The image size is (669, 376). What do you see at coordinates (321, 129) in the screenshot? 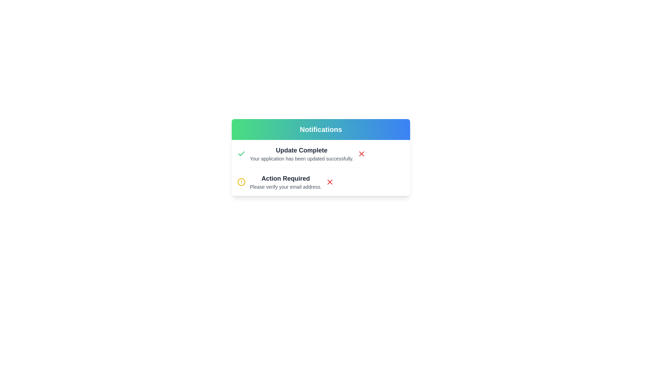
I see `the 'Notifications' text label which is bold, white, and centrally located at the top of a gradient banner transitioning from green to blue` at bounding box center [321, 129].